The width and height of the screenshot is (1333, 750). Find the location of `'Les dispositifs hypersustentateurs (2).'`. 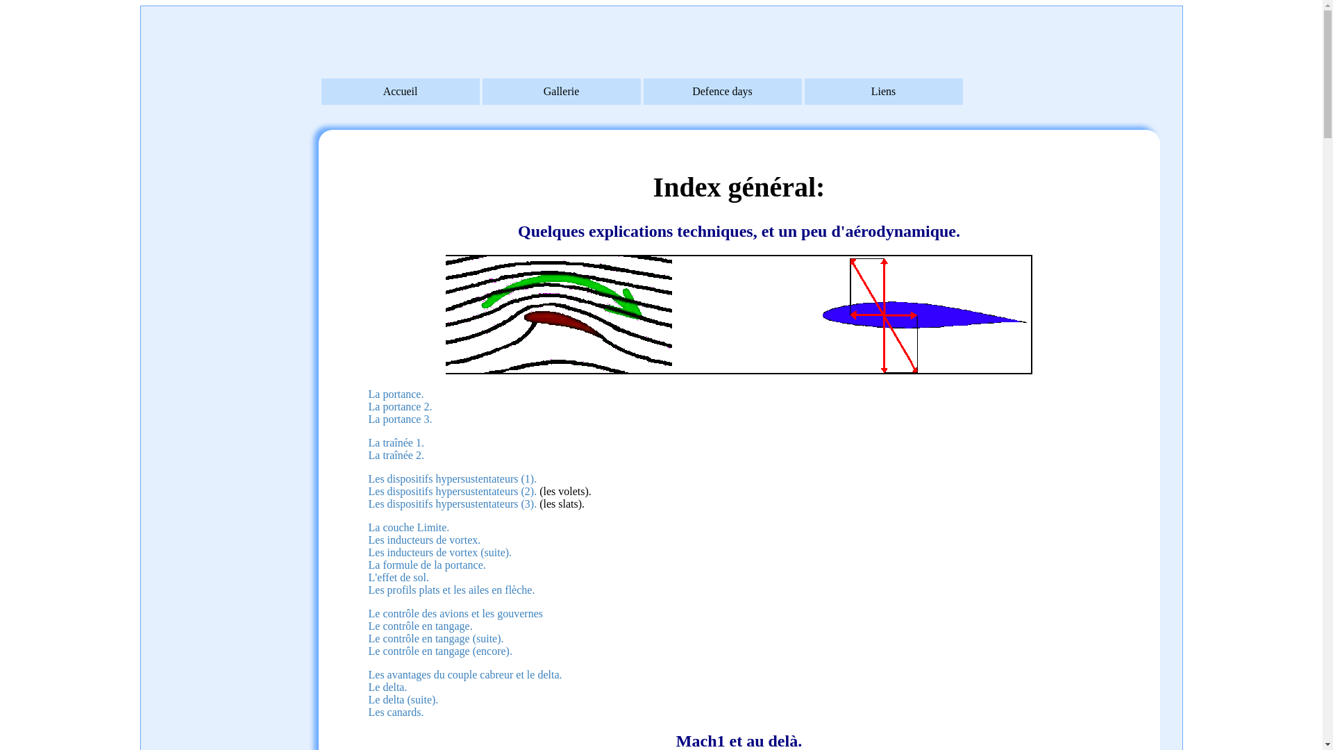

'Les dispositifs hypersustentateurs (2).' is located at coordinates (452, 490).